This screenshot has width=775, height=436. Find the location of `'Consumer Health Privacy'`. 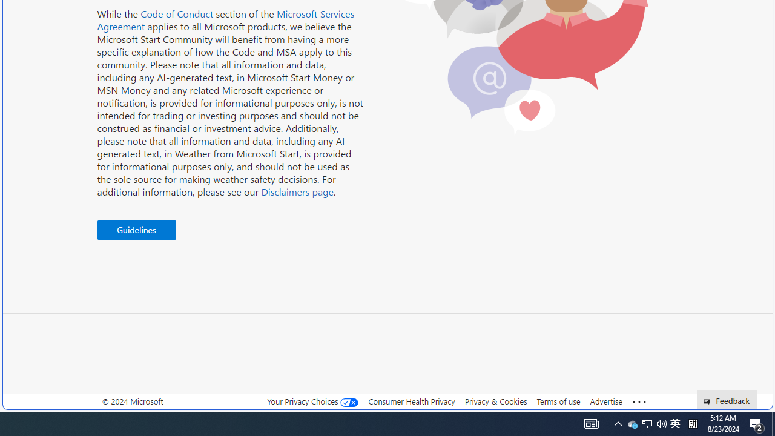

'Consumer Health Privacy' is located at coordinates (412, 401).